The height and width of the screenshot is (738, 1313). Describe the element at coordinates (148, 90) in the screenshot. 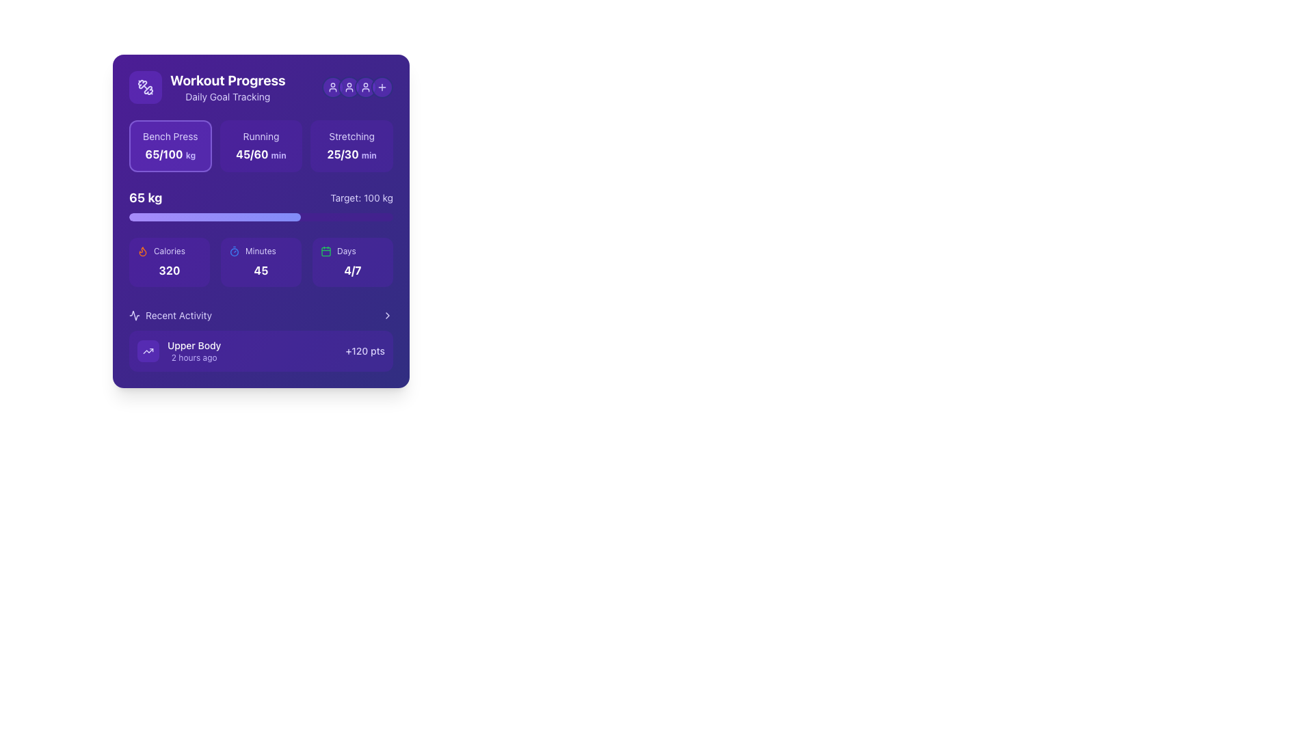

I see `the icon representing weight or dumbbell exercises, located at the top-left corner of the sidebar under 'Workout Progress.'` at that location.